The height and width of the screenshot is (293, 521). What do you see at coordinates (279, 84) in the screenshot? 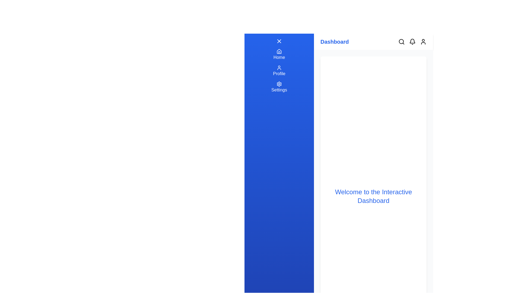
I see `the settings icon, which is a gear icon located in the vertical sidebar of the application's navigation menu` at bounding box center [279, 84].